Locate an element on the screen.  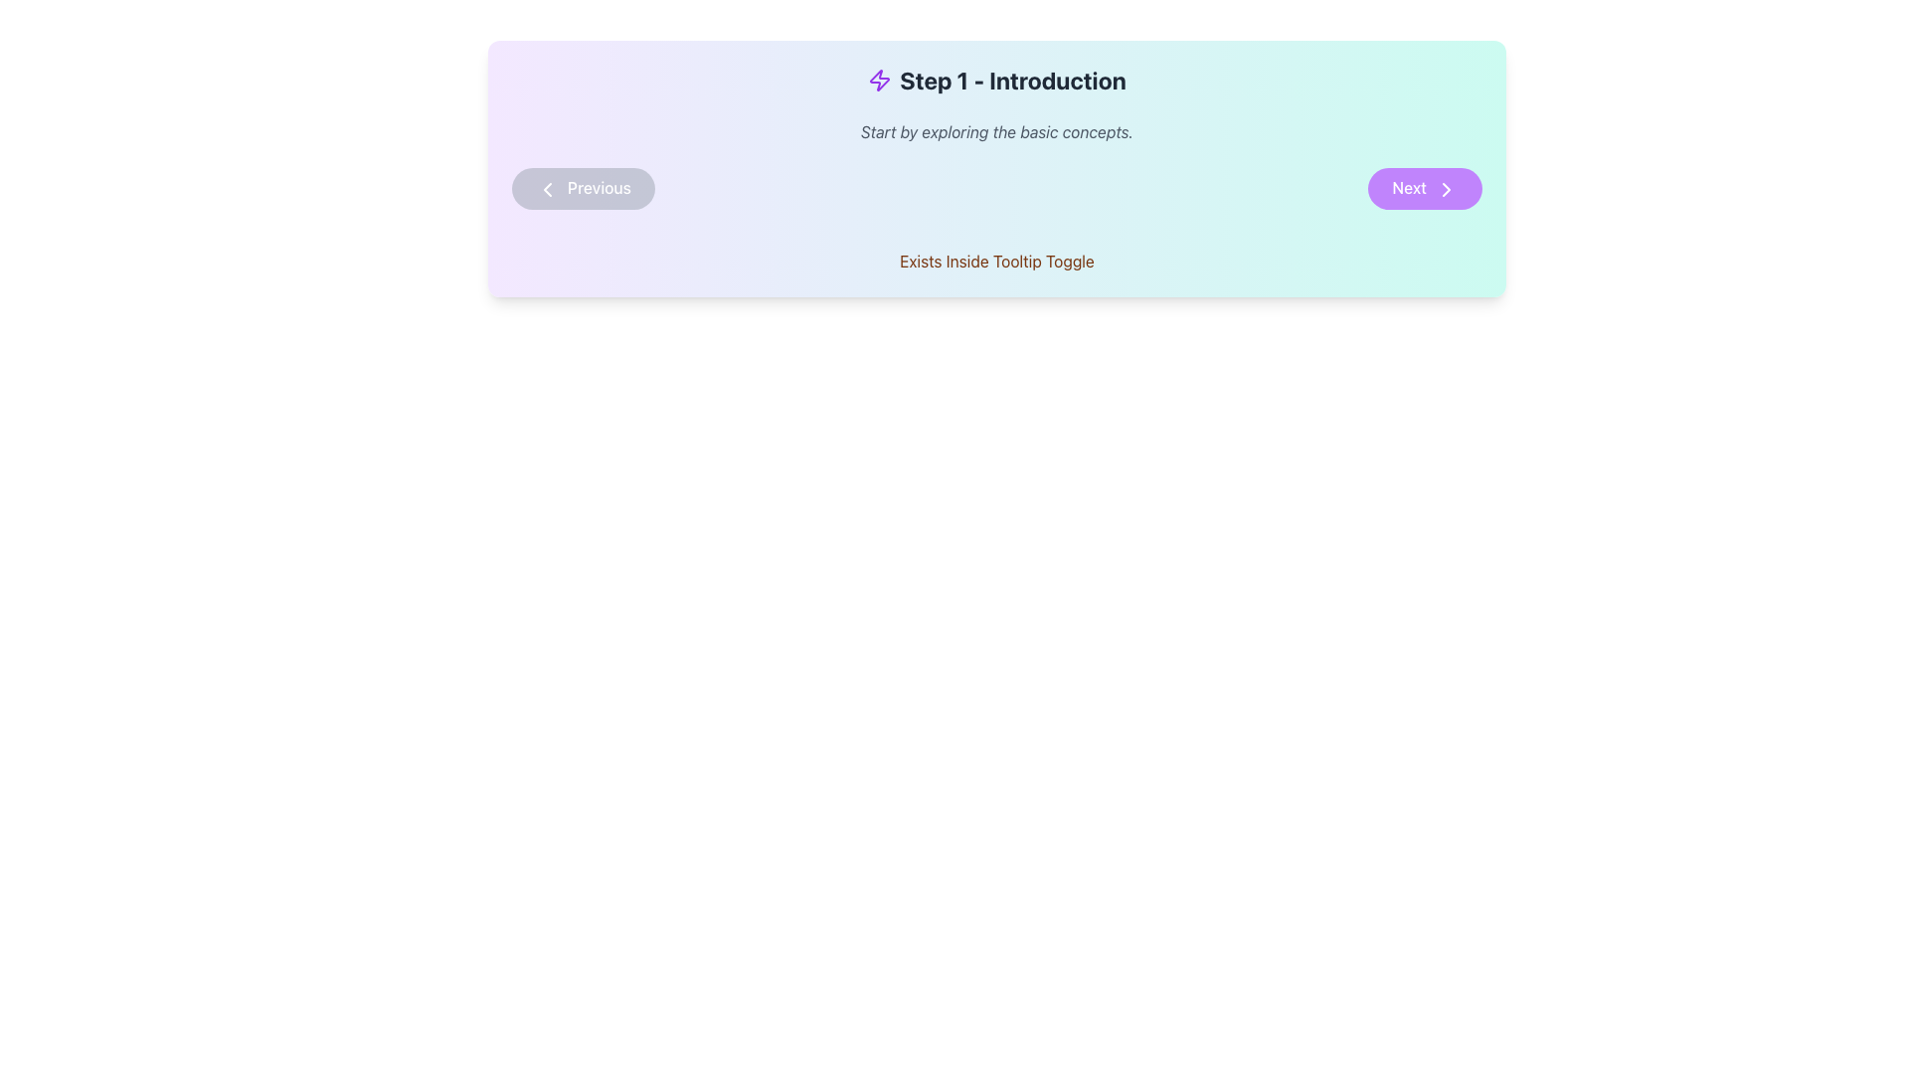
the left navigation button is located at coordinates (582, 188).